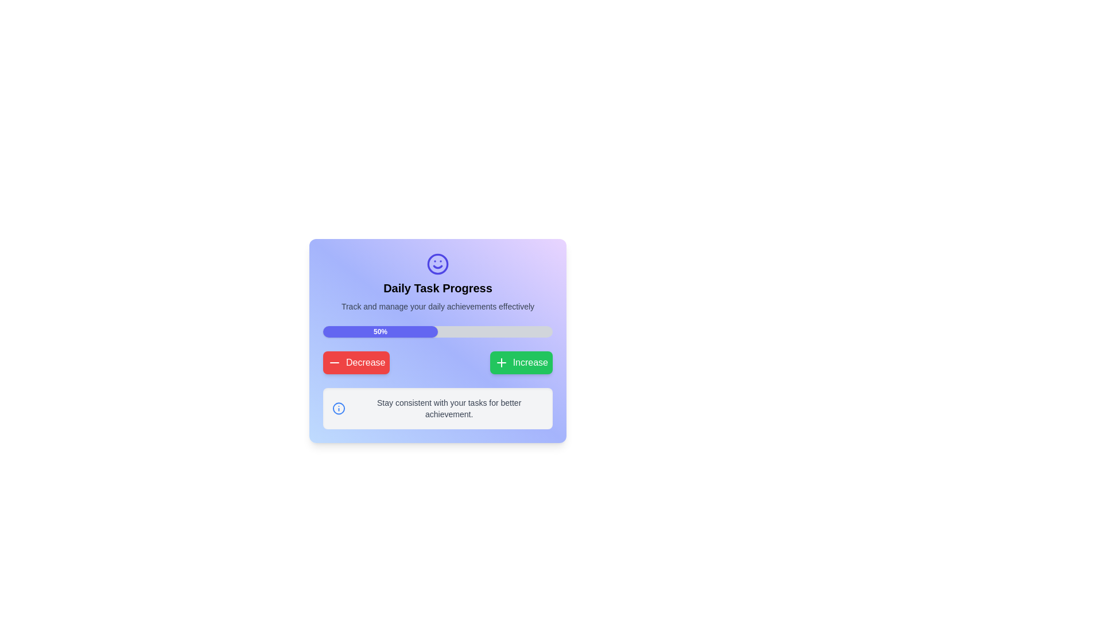  I want to click on the blue circular outline icon with a smaller blue dot above it and a line extending downwards, located to the left of the text 'Stay consistent with your tasks for better achievement.', so click(338, 408).